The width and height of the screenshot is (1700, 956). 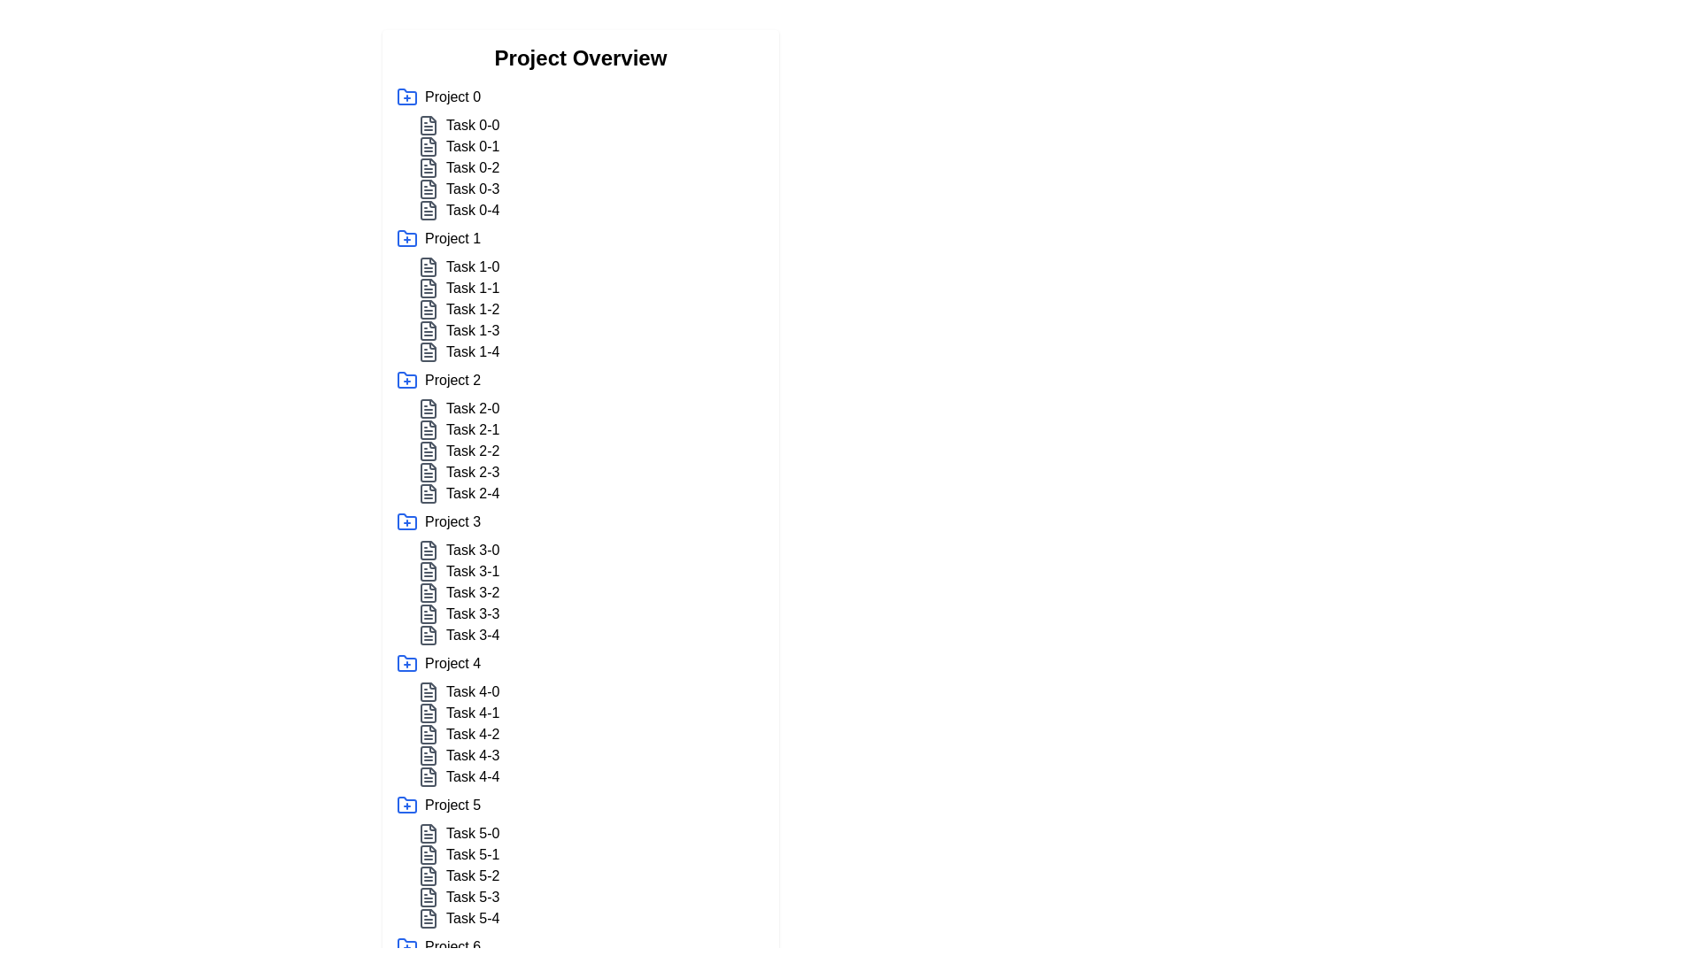 What do you see at coordinates (429, 713) in the screenshot?
I see `the document icon representing 'Task 4-1' in the 'Project 4' section of the interface` at bounding box center [429, 713].